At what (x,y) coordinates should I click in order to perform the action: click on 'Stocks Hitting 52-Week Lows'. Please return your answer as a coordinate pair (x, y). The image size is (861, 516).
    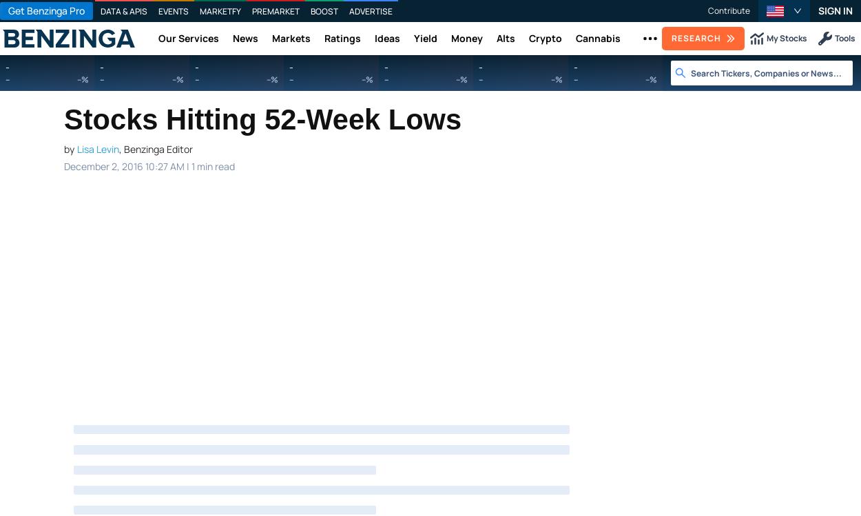
    Looking at the image, I should click on (262, 118).